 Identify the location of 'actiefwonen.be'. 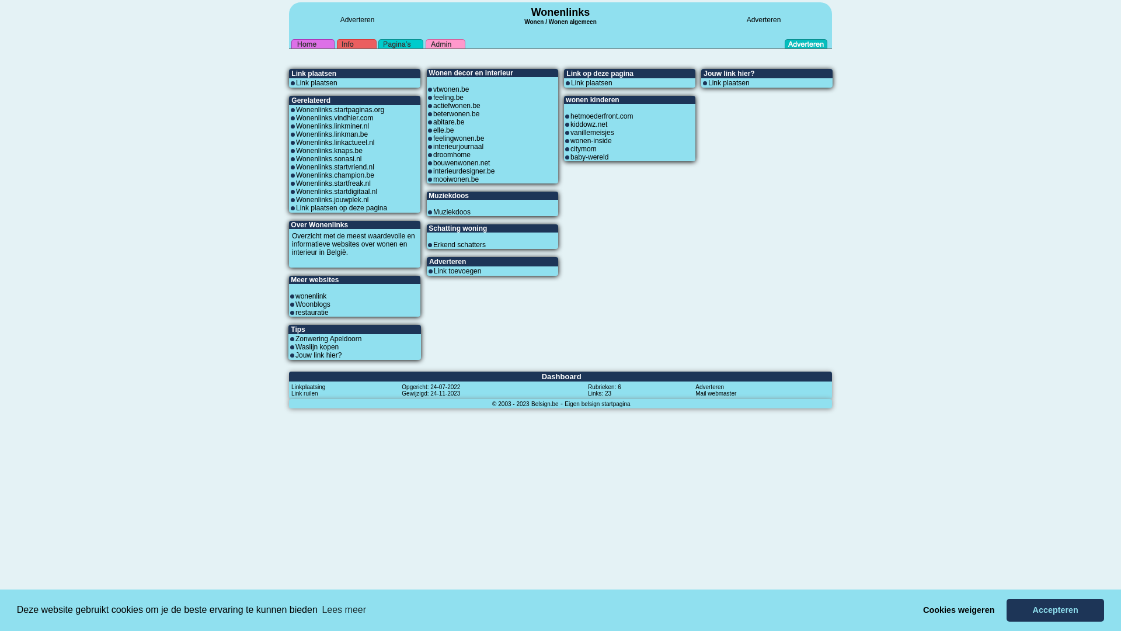
(456, 106).